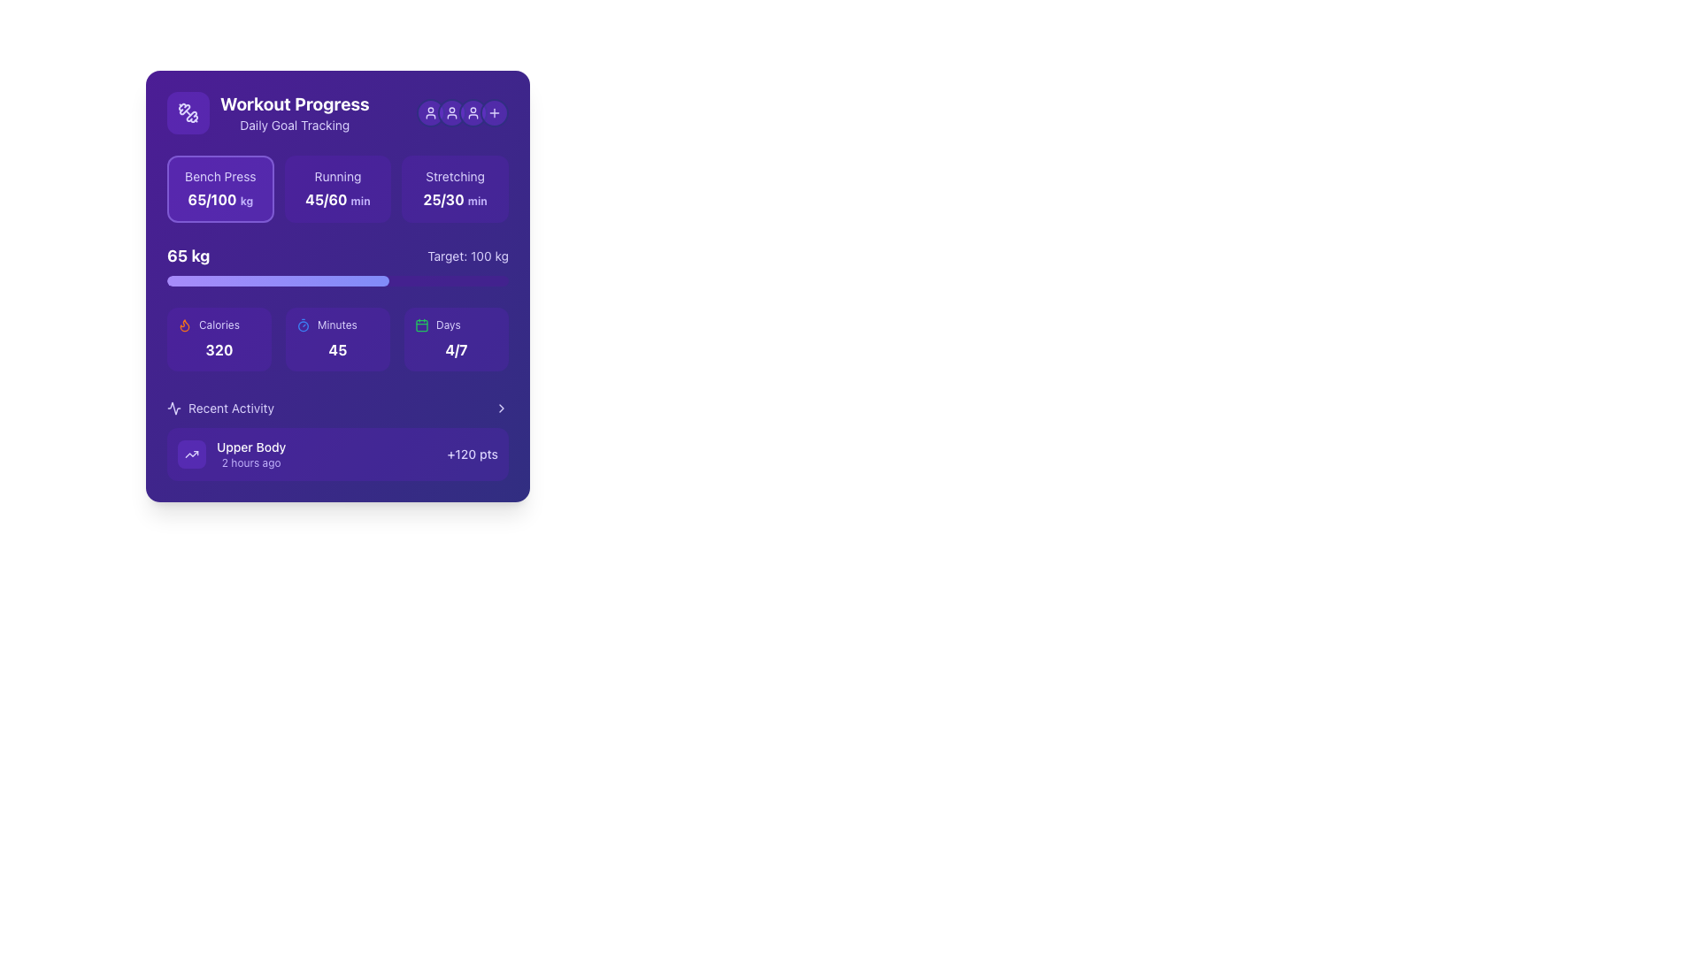  What do you see at coordinates (250, 453) in the screenshot?
I see `text displayed in the first entry of the 'Recent Activity' section located in the bottom left of the purple panel` at bounding box center [250, 453].